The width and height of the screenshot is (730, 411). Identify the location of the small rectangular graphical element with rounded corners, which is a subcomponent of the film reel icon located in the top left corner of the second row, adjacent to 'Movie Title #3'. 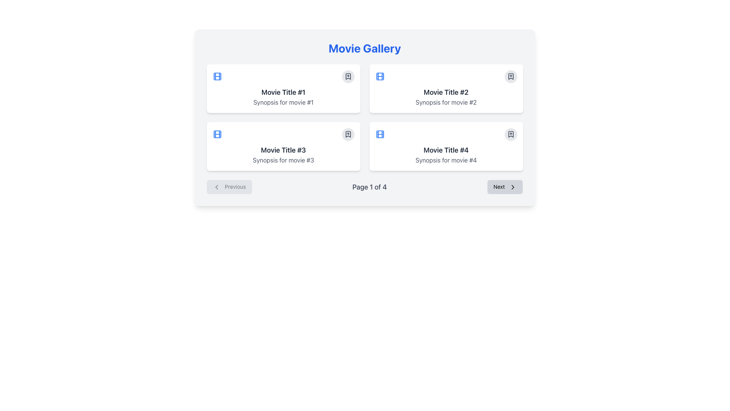
(217, 134).